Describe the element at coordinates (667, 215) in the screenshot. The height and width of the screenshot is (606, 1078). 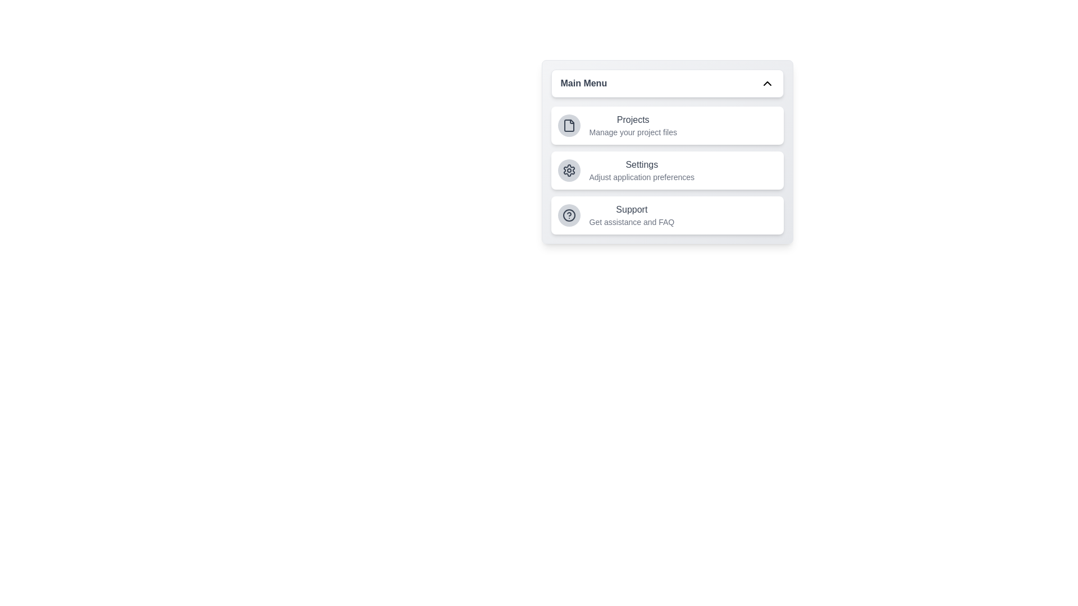
I see `the menu item corresponding to Support` at that location.